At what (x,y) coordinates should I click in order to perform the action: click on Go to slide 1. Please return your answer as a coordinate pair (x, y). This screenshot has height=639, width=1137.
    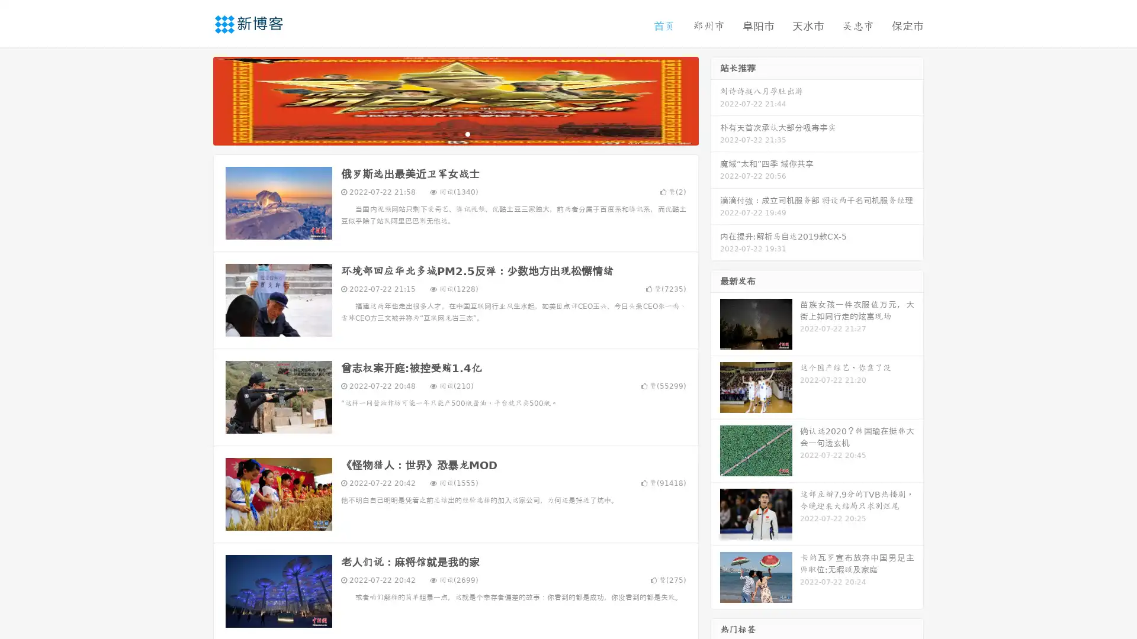
    Looking at the image, I should click on (443, 133).